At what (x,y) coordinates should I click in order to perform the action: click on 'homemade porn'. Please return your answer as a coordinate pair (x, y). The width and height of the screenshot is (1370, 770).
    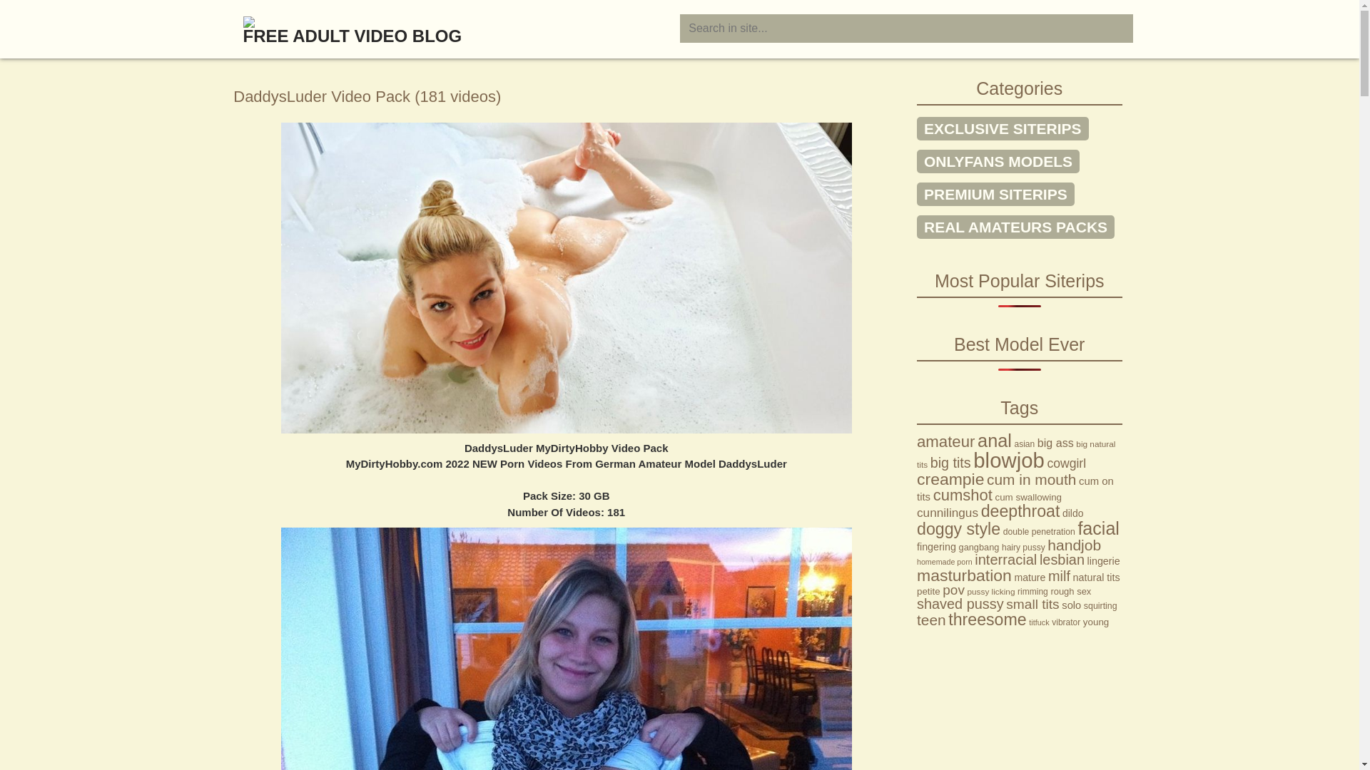
    Looking at the image, I should click on (945, 560).